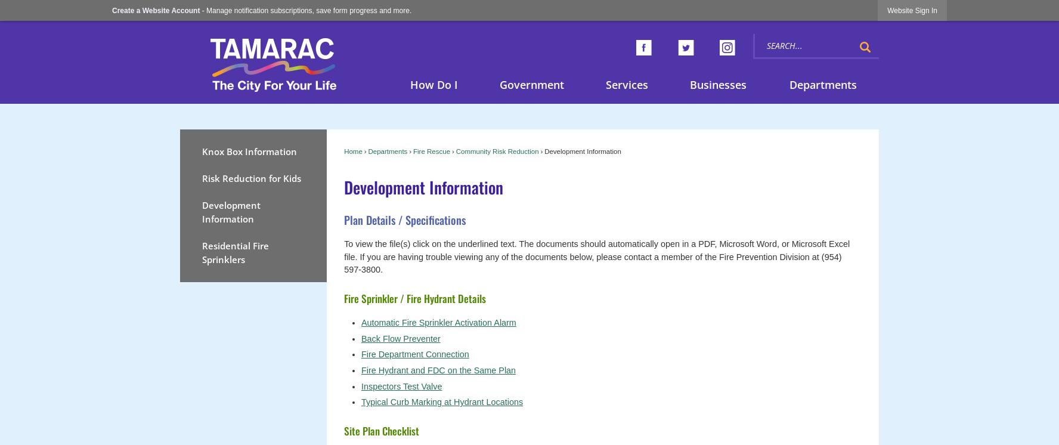 Image resolution: width=1059 pixels, height=445 pixels. I want to click on 'Community Risk Reduction', so click(497, 150).